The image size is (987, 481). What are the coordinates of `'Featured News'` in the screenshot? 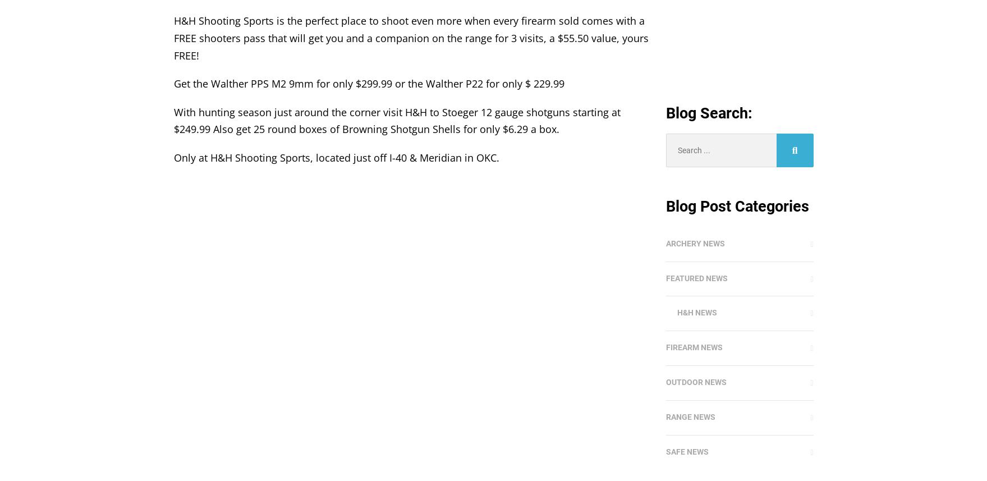 It's located at (665, 278).